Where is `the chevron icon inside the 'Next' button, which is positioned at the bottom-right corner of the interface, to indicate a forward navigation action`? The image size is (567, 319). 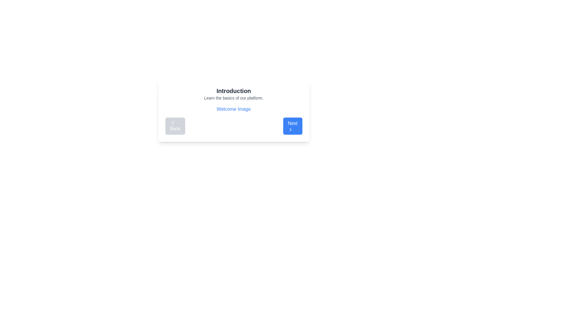
the chevron icon inside the 'Next' button, which is positioned at the bottom-right corner of the interface, to indicate a forward navigation action is located at coordinates (290, 129).